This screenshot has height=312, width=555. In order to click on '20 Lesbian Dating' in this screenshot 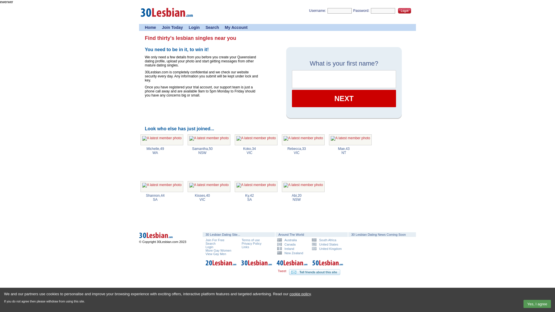, I will do `click(221, 266)`.